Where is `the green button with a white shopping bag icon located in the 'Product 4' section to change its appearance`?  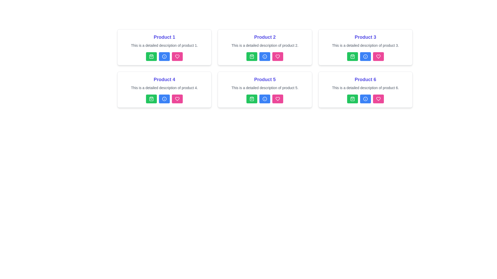
the green button with a white shopping bag icon located in the 'Product 4' section to change its appearance is located at coordinates (151, 99).